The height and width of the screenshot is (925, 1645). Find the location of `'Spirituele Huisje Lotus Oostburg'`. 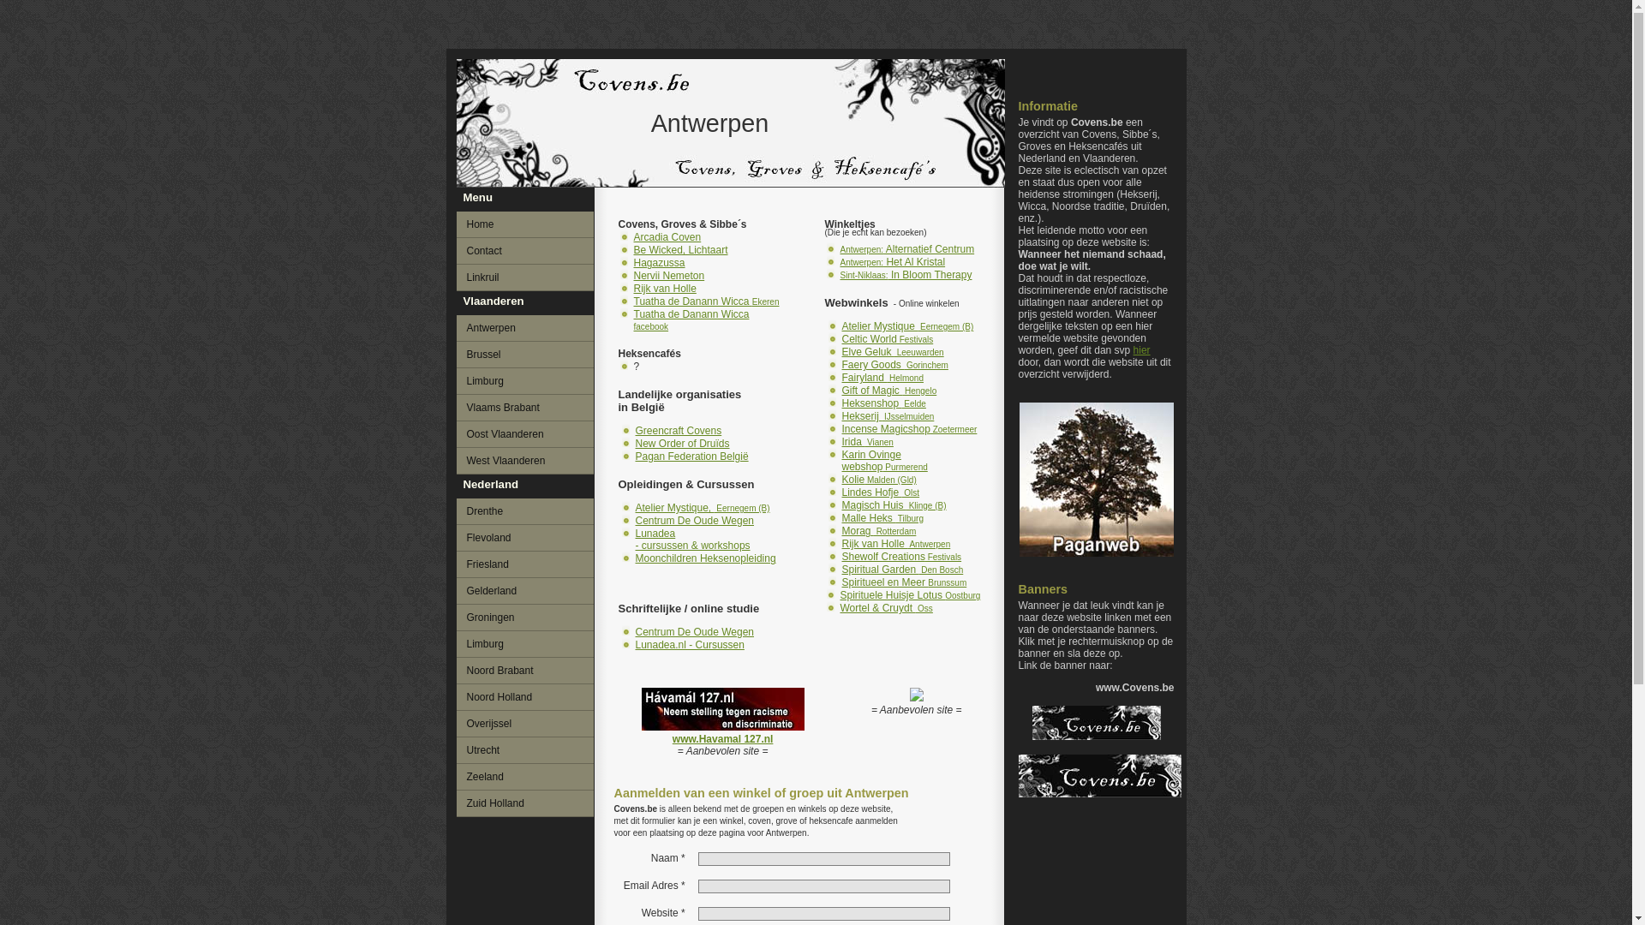

'Spirituele Huisje Lotus Oostburg' is located at coordinates (908, 594).